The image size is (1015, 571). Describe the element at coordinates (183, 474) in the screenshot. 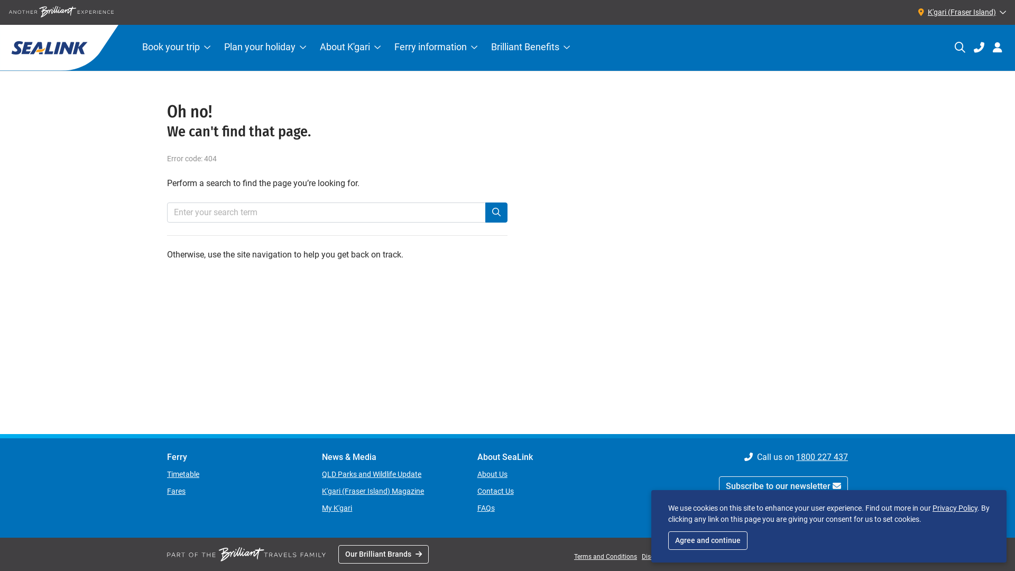

I see `'Timetable'` at that location.